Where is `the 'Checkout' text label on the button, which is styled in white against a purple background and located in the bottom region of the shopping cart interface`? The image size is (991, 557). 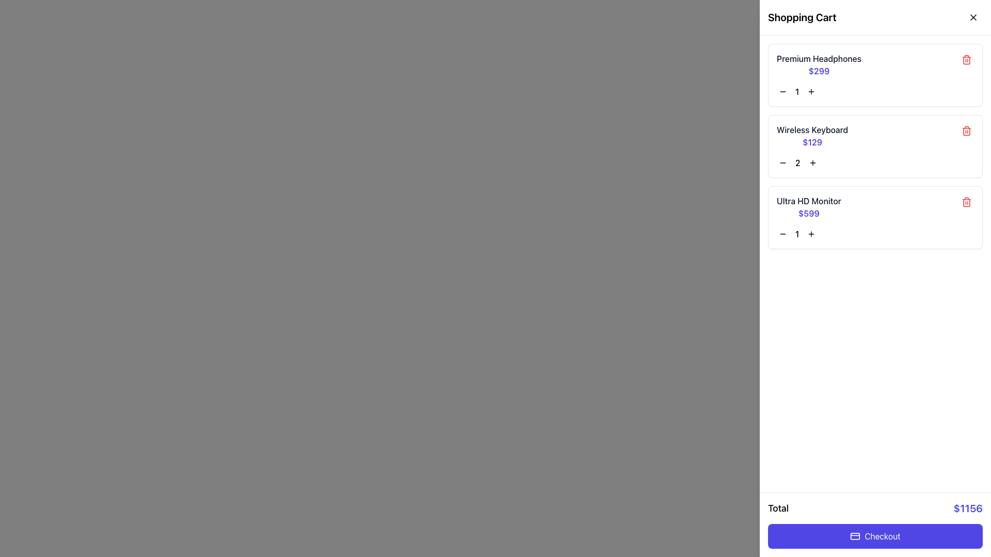 the 'Checkout' text label on the button, which is styled in white against a purple background and located in the bottom region of the shopping cart interface is located at coordinates (882, 536).